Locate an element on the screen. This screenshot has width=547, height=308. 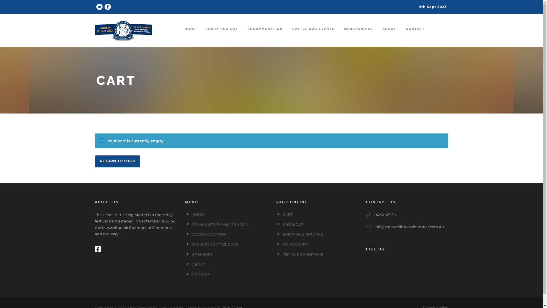
'MY ACCOUNT' is located at coordinates (295, 244).